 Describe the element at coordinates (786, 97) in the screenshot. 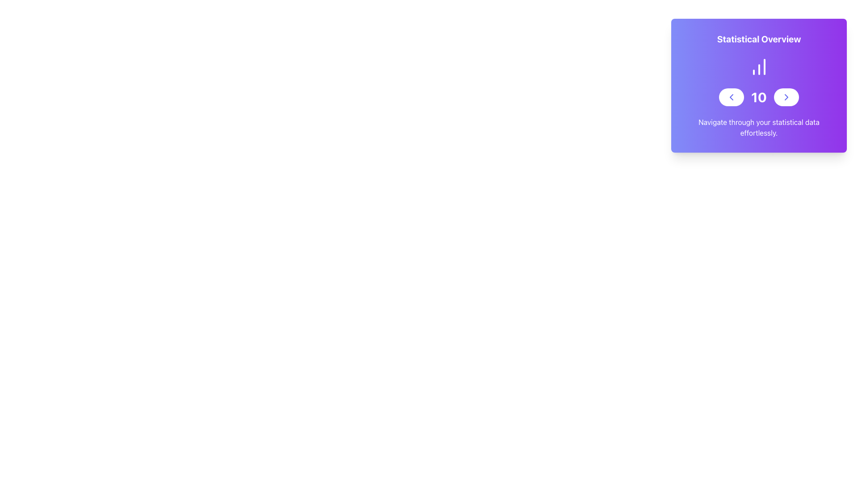

I see `the forward navigation icon located on the far right of the navigation row within the purple card labeled 'Statistical Overview'` at that location.